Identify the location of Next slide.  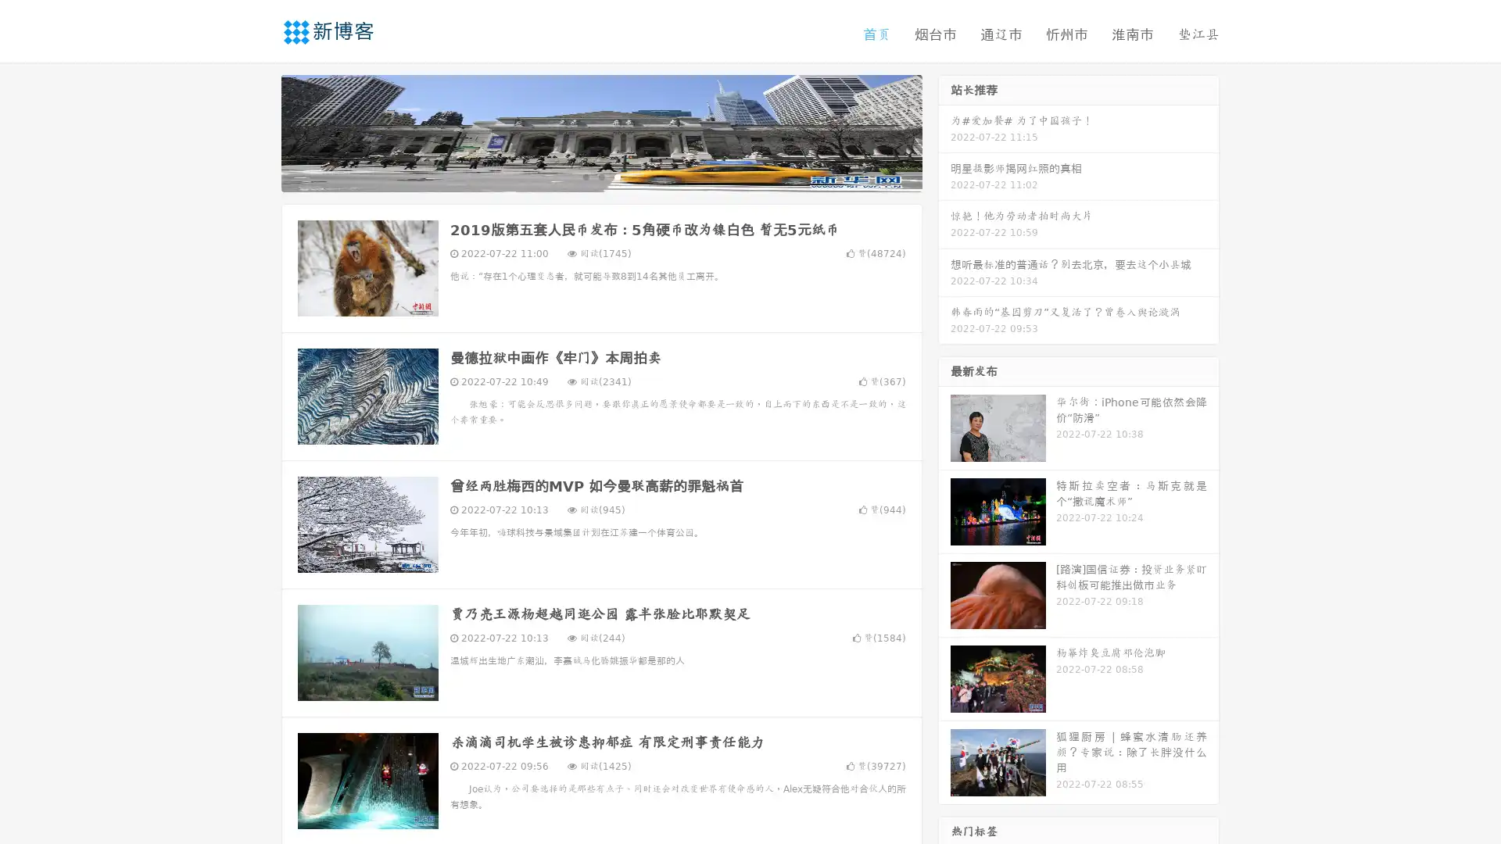
(944, 131).